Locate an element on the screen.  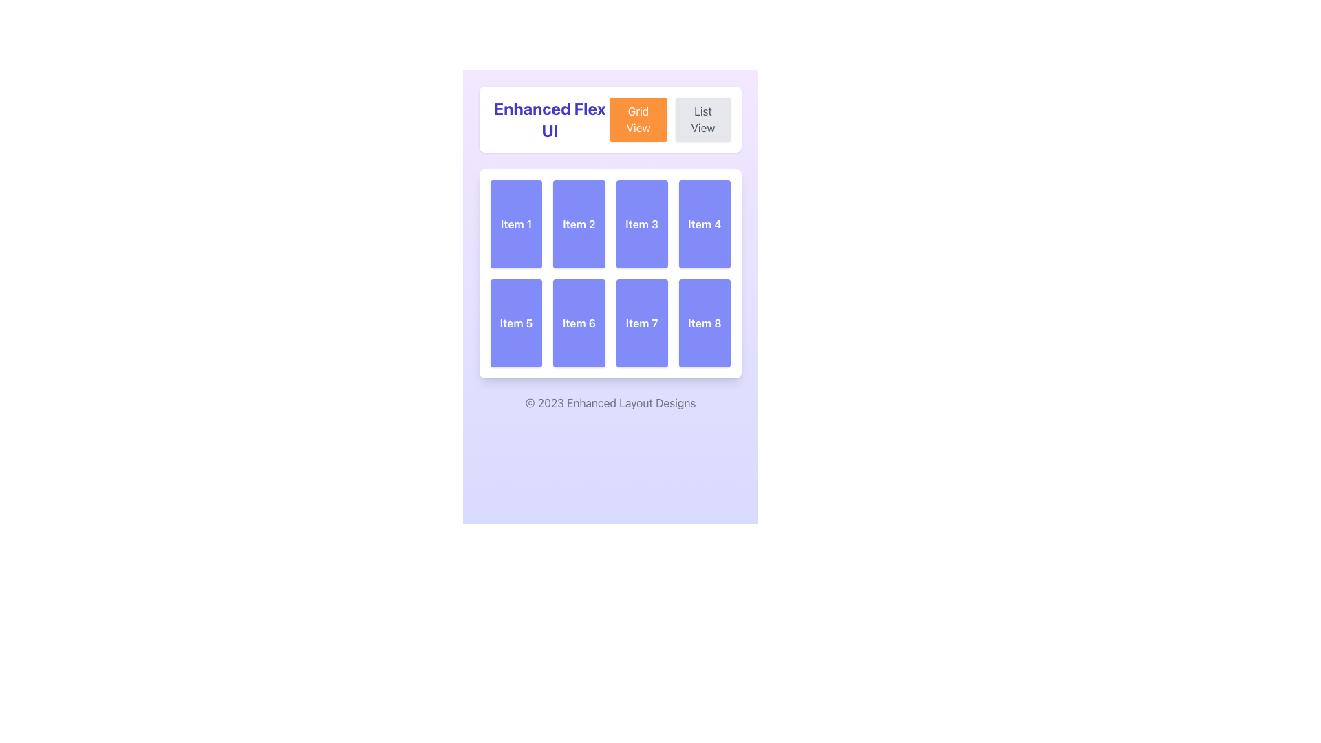
the static label representing 'Item 7' in the grid layout, located in the second row, third column is located at coordinates (641, 323).